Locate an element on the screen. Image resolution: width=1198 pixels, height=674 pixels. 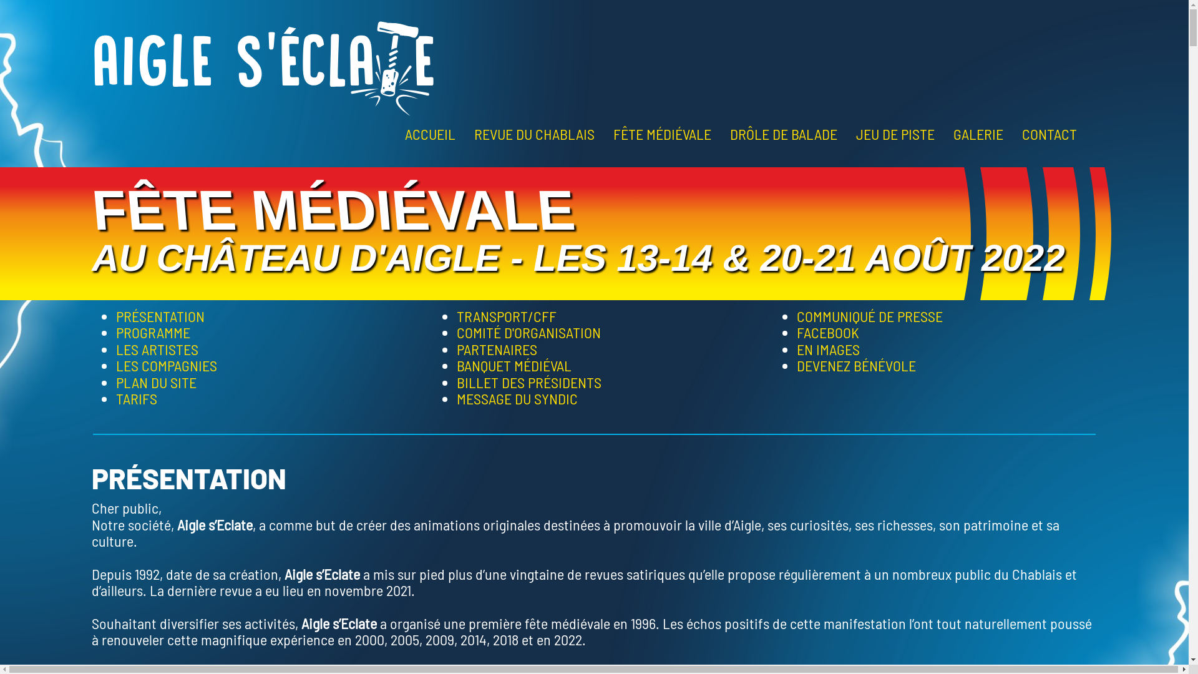
'TRANSPORT/CFF' is located at coordinates (455, 315).